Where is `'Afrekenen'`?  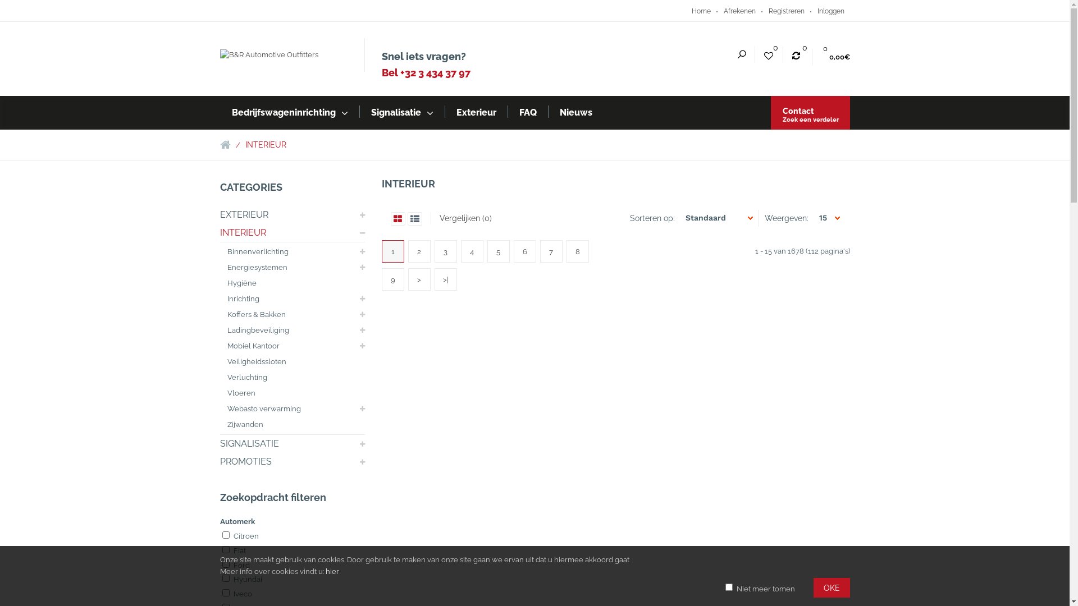
'Afrekenen' is located at coordinates (739, 11).